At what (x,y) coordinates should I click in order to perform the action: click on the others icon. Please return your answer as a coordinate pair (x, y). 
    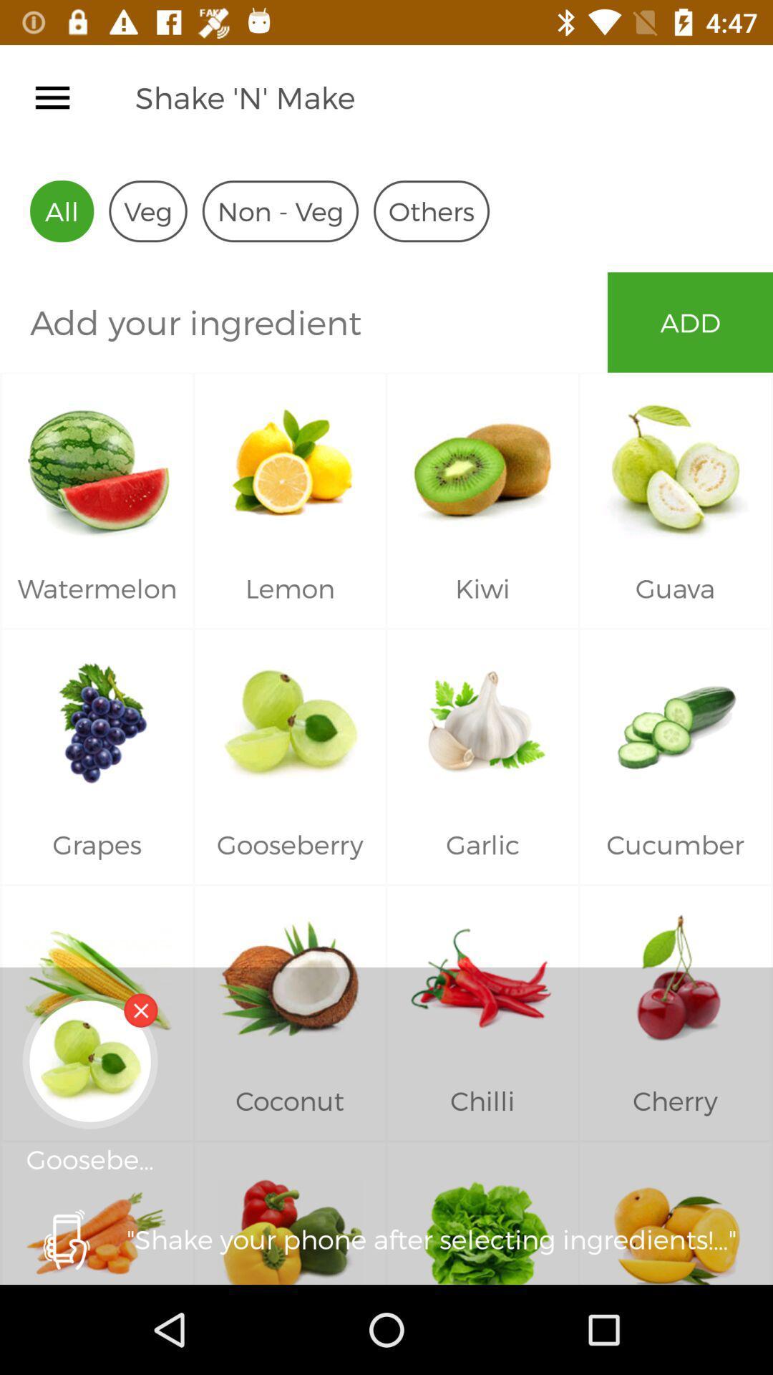
    Looking at the image, I should click on (430, 211).